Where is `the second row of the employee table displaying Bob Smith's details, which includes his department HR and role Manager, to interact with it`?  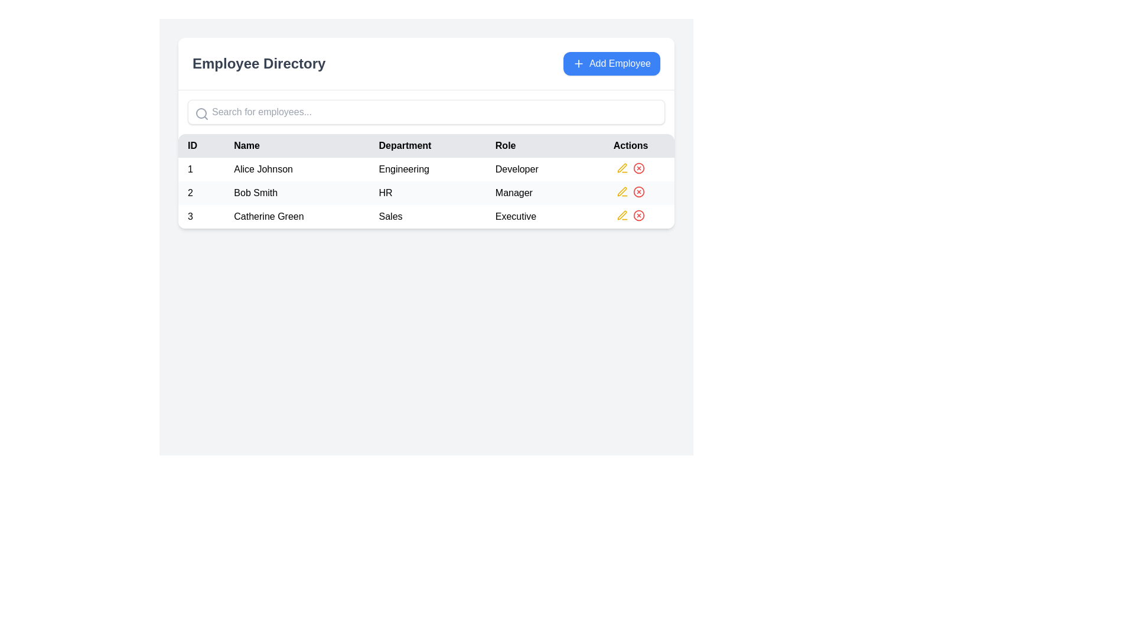
the second row of the employee table displaying Bob Smith's details, which includes his department HR and role Manager, to interact with it is located at coordinates (425, 193).